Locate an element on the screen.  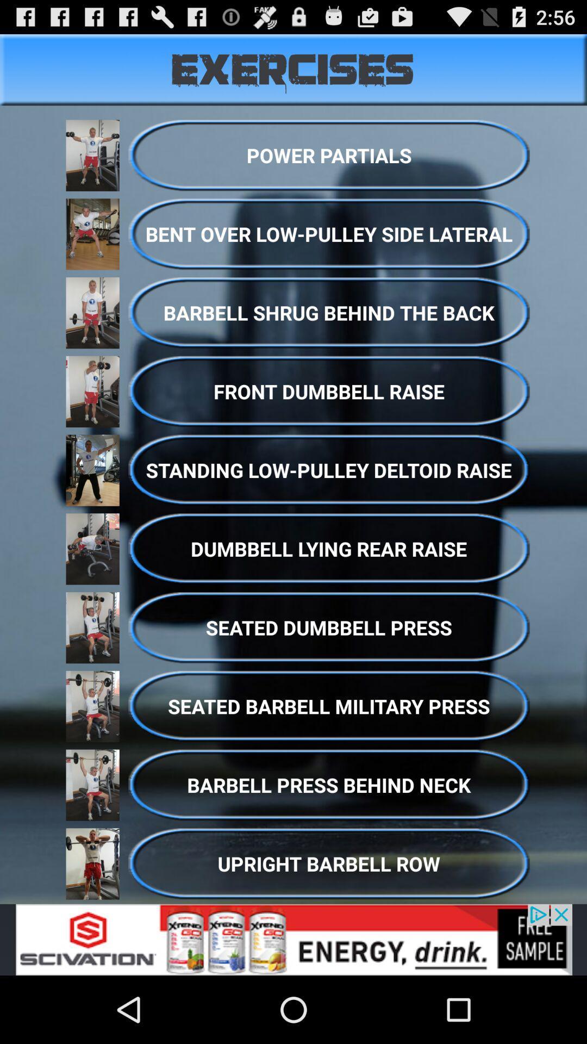
advertisement is located at coordinates (293, 939).